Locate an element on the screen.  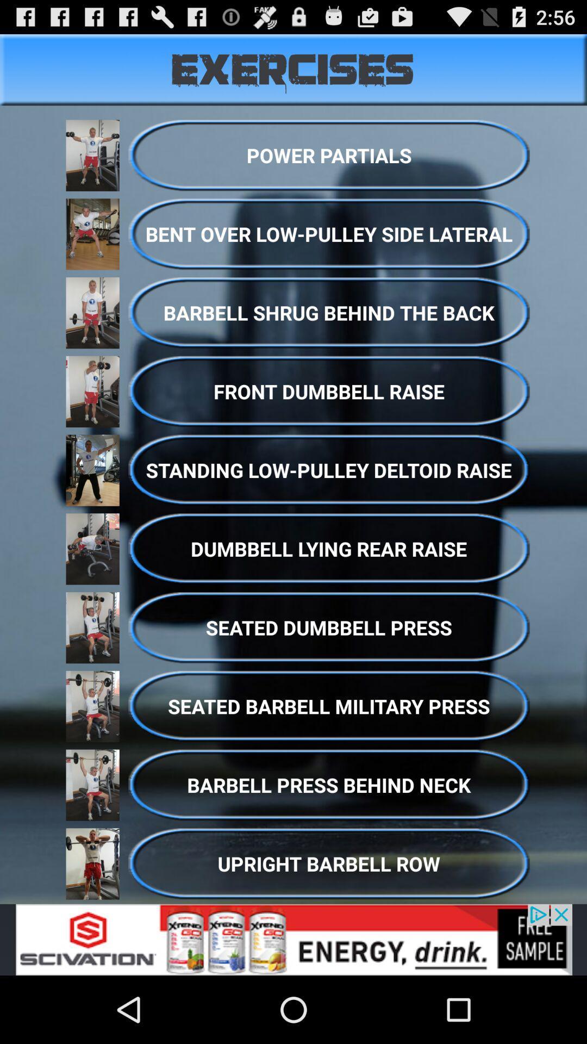
advertisement is located at coordinates (293, 939).